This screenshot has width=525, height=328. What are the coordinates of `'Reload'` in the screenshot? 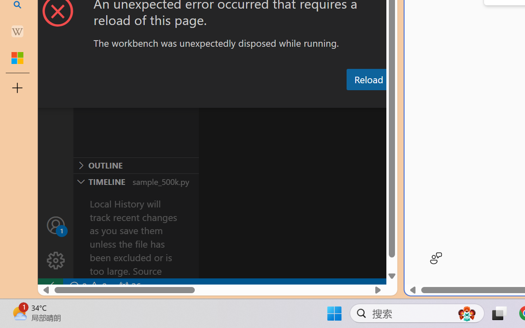 It's located at (368, 79).